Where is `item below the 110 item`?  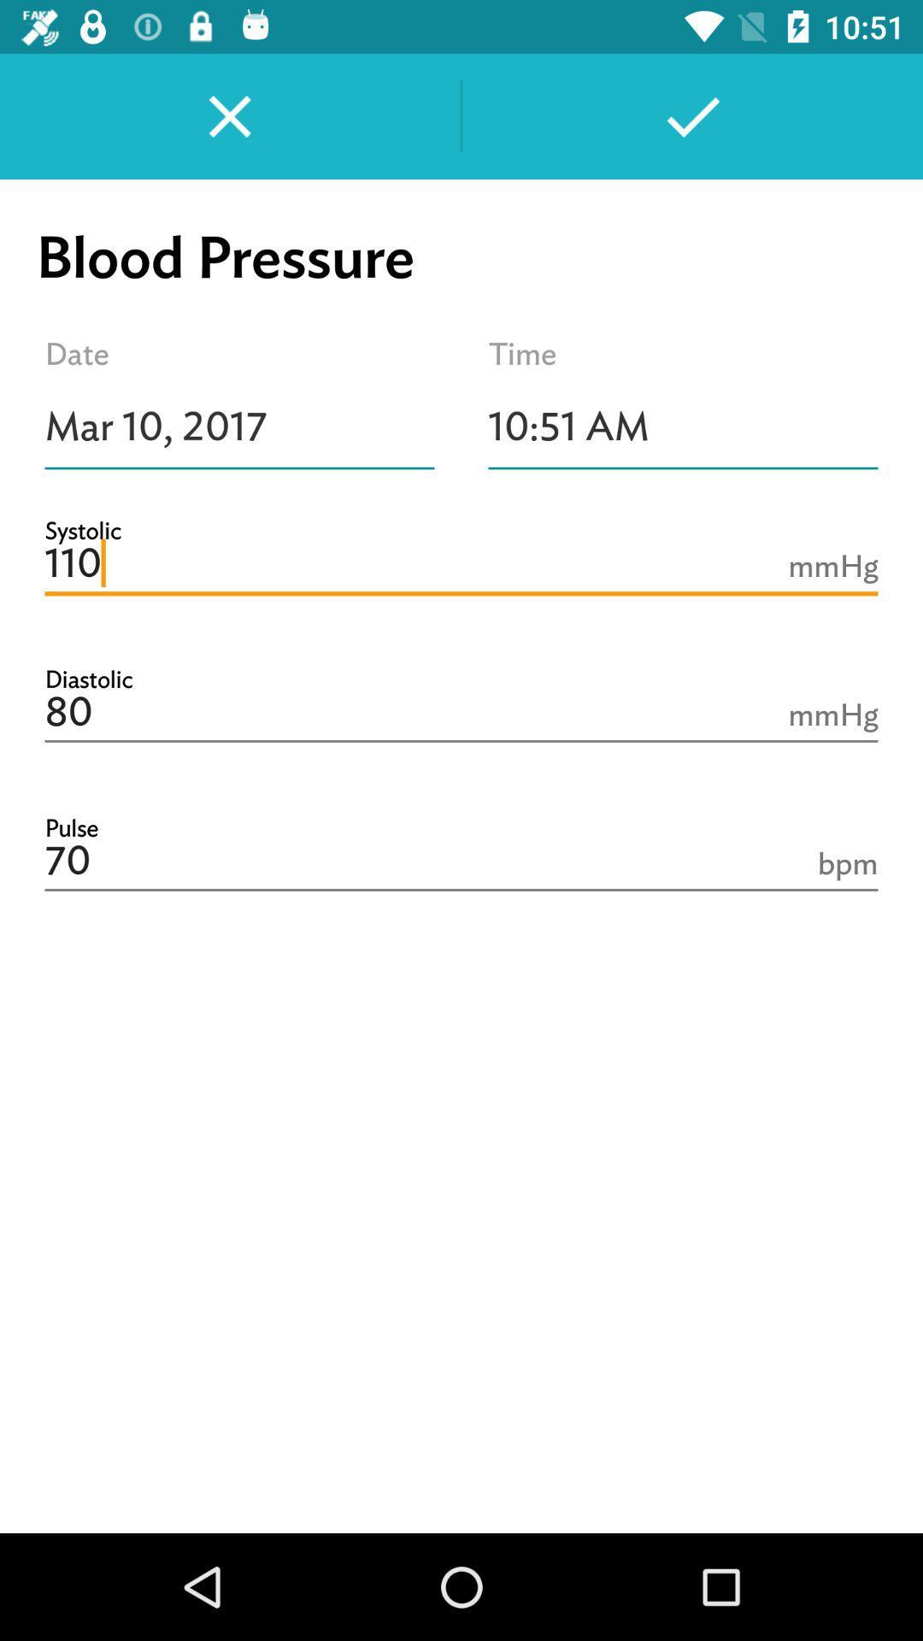
item below the 110 item is located at coordinates (461, 713).